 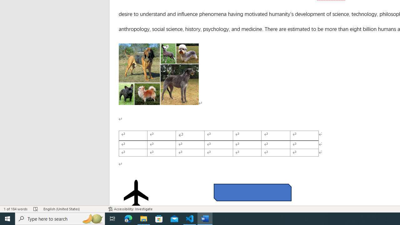 What do you see at coordinates (205, 218) in the screenshot?
I see `'Word - 1 running window'` at bounding box center [205, 218].